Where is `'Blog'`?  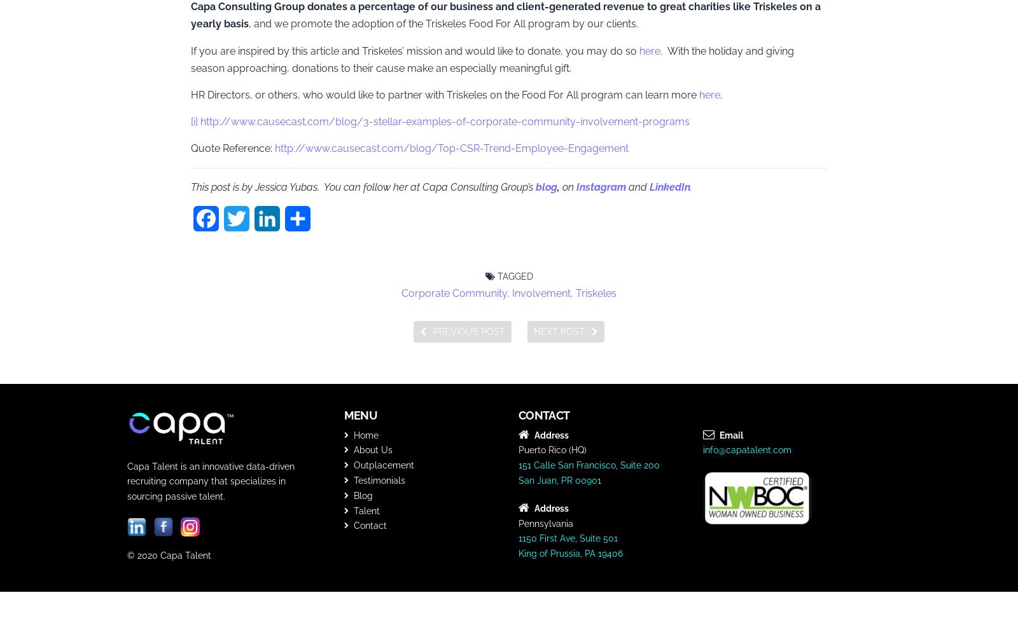
'Blog' is located at coordinates (361, 495).